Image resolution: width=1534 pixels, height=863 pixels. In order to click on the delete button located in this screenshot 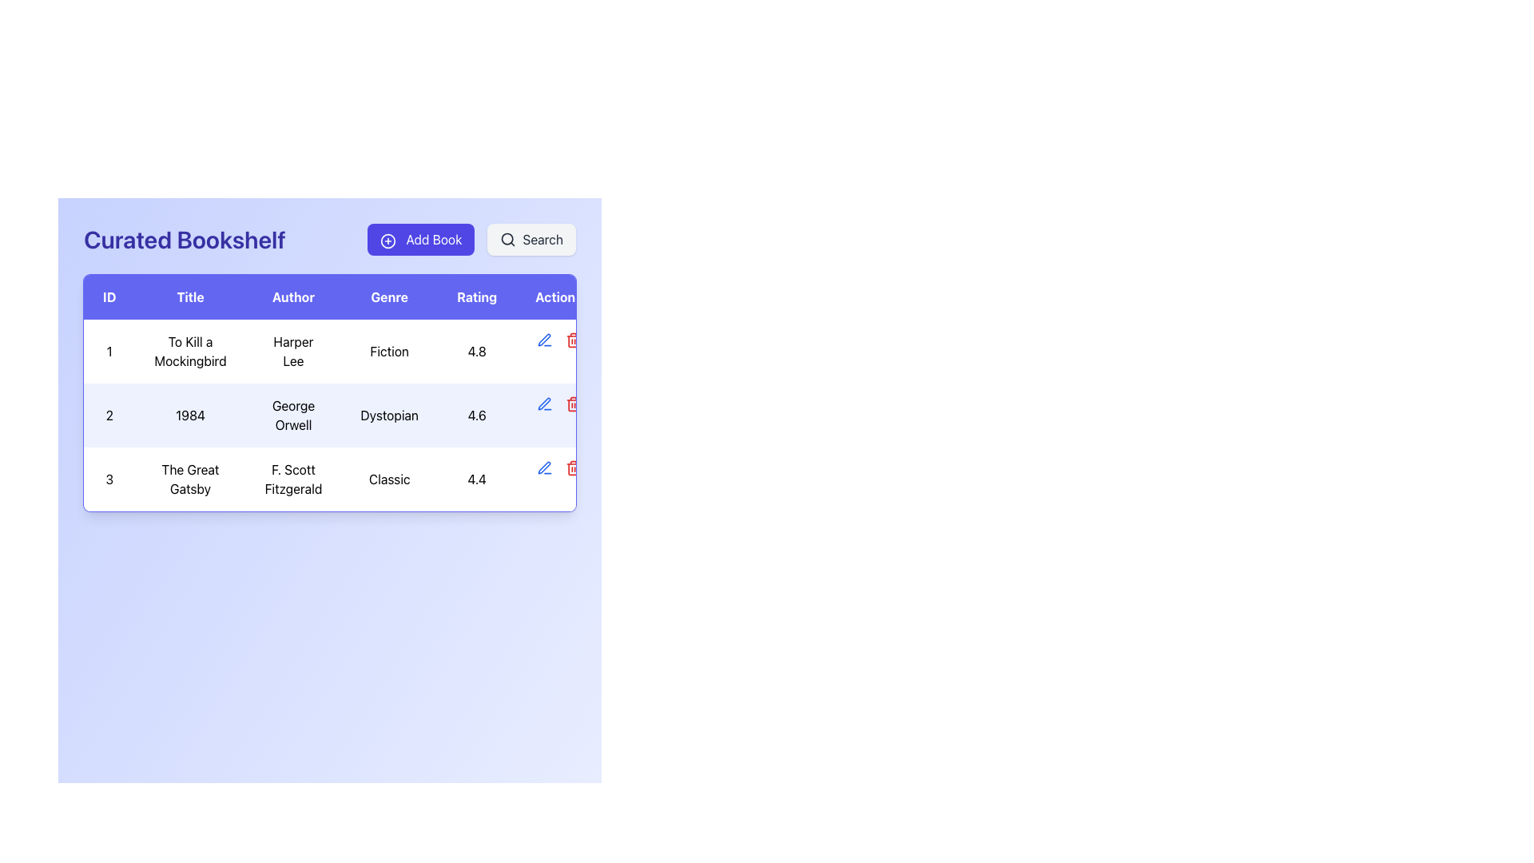, I will do `click(573, 467)`.